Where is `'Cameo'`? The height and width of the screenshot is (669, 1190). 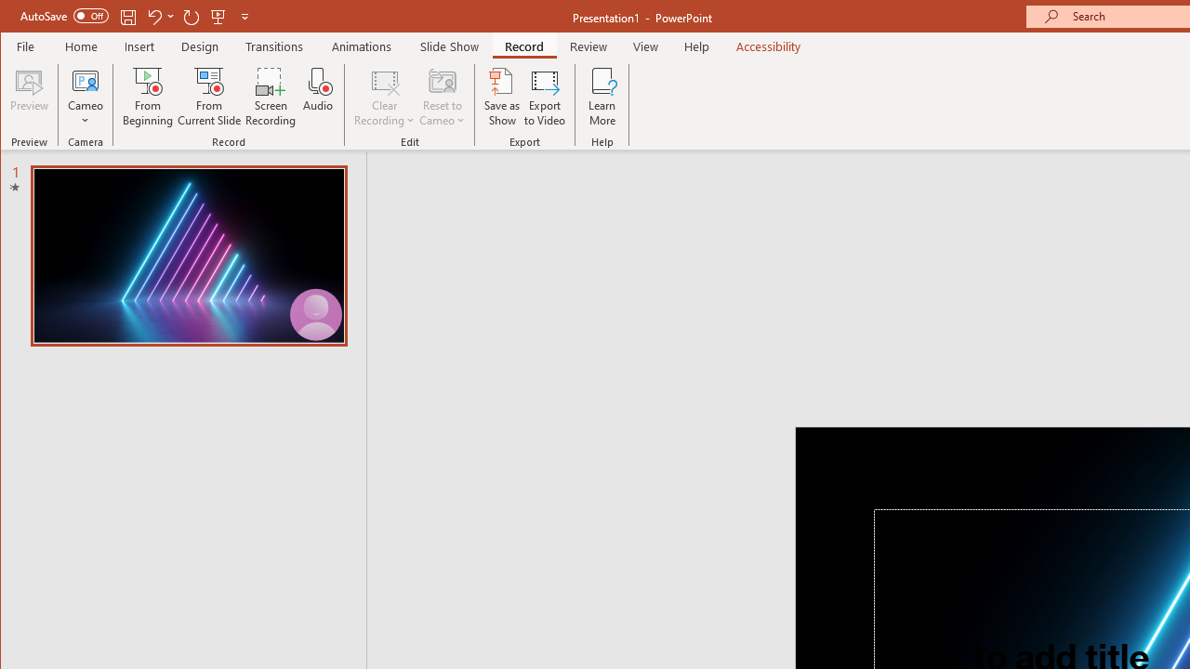
'Cameo' is located at coordinates (85, 97).